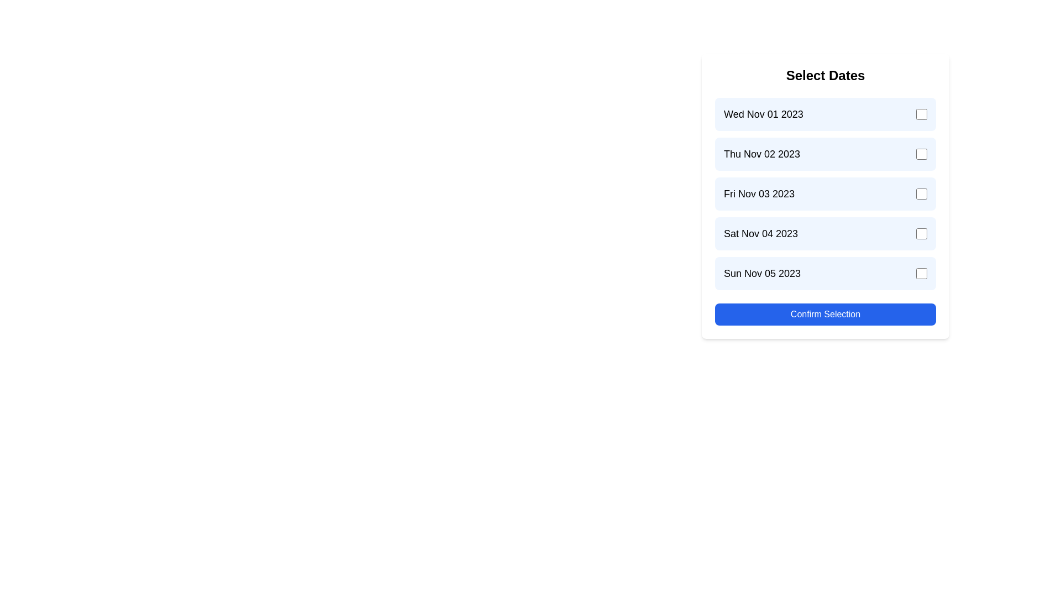 The width and height of the screenshot is (1061, 597). Describe the element at coordinates (922, 233) in the screenshot. I see `the checkbox corresponding to the date Sat Nov 04 2023` at that location.